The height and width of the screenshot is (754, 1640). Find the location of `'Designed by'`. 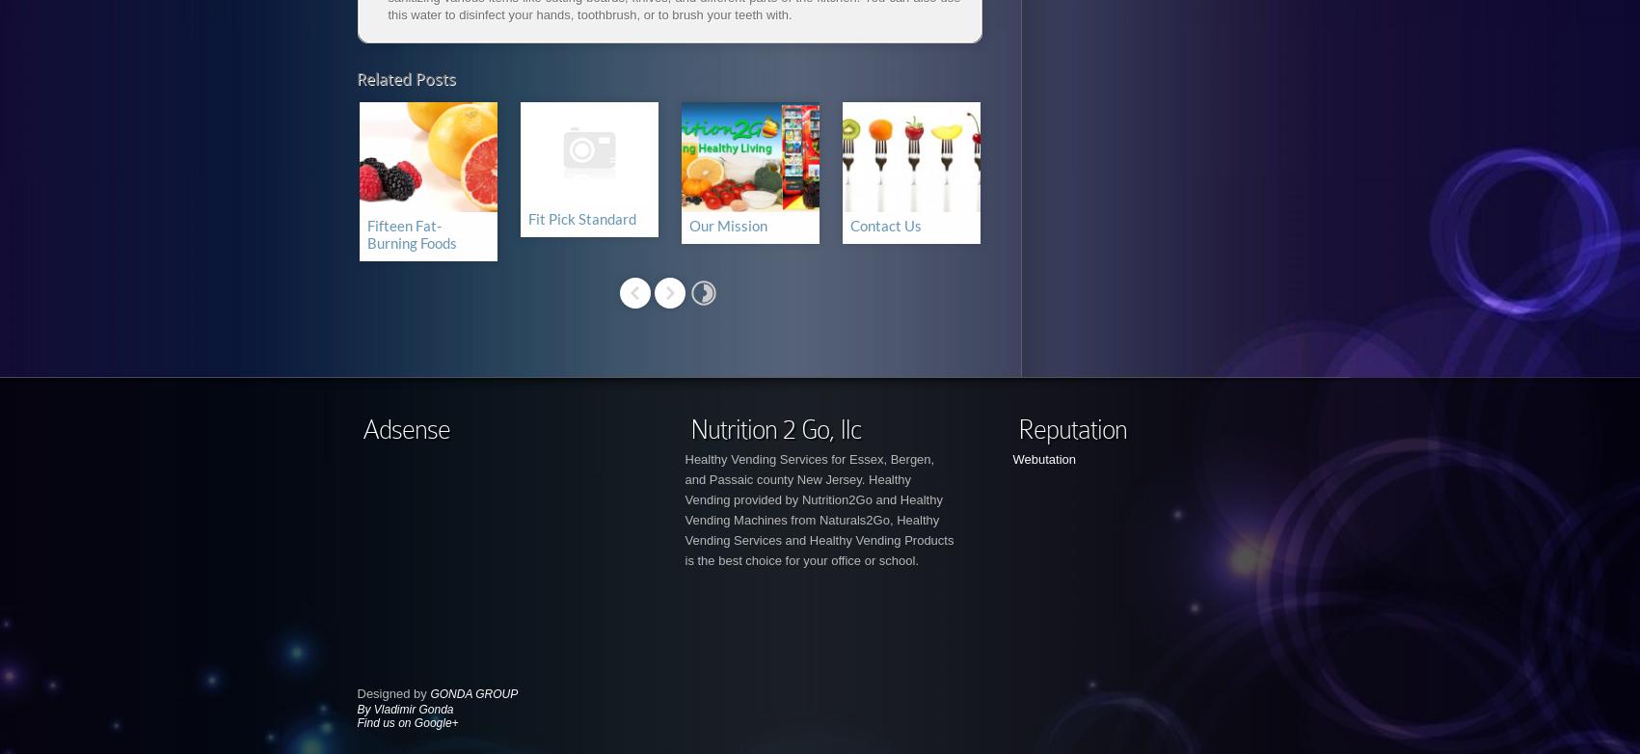

'Designed by' is located at coordinates (392, 692).